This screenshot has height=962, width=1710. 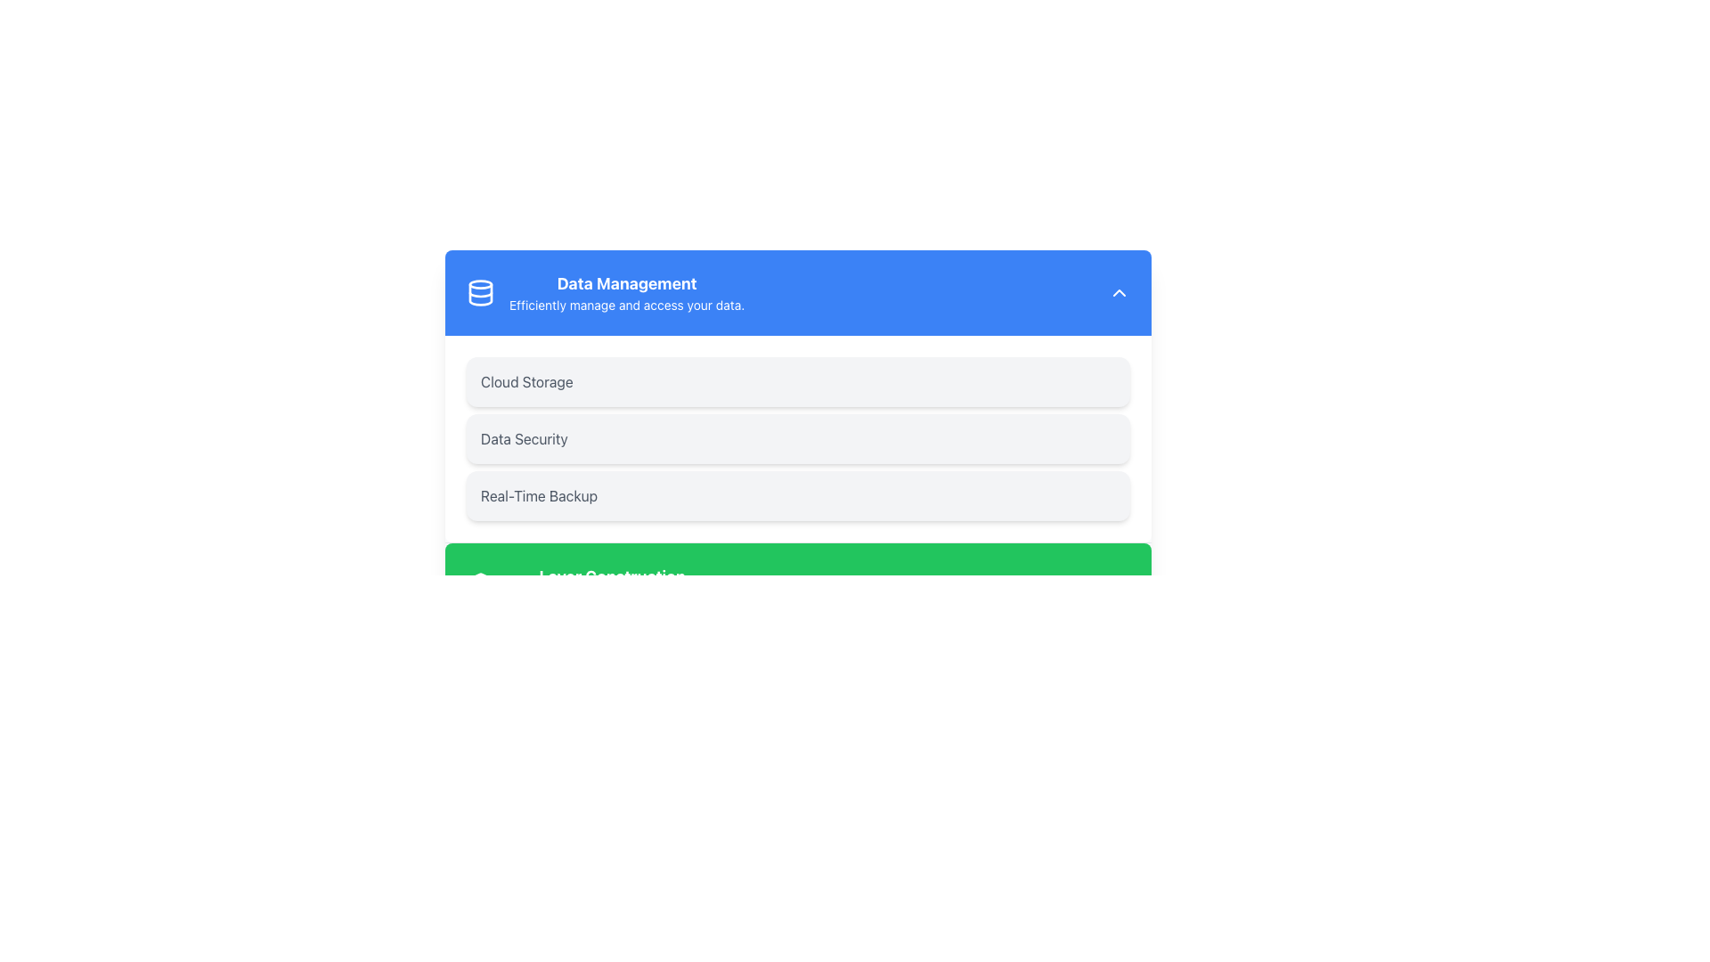 What do you see at coordinates (480, 283) in the screenshot?
I see `the Decorative Ellipse component of the logo graphic for the 'Data Management' section, which is positioned at the top-center of the displayed card` at bounding box center [480, 283].